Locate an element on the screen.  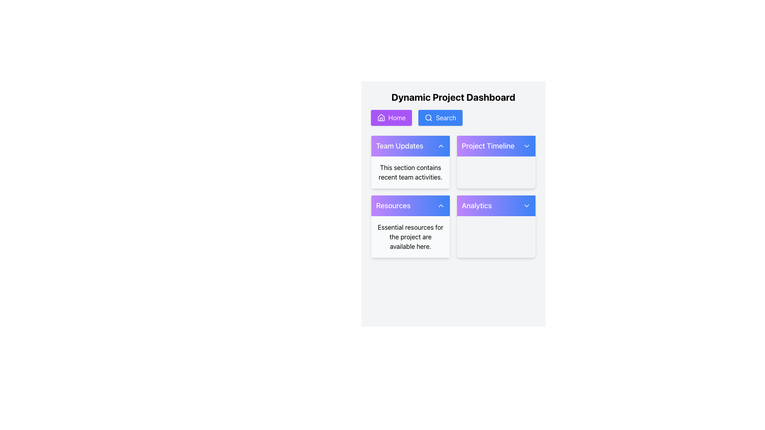
the vibrant purple 'Home' button with rounded edges and a white house icon is located at coordinates (391, 118).